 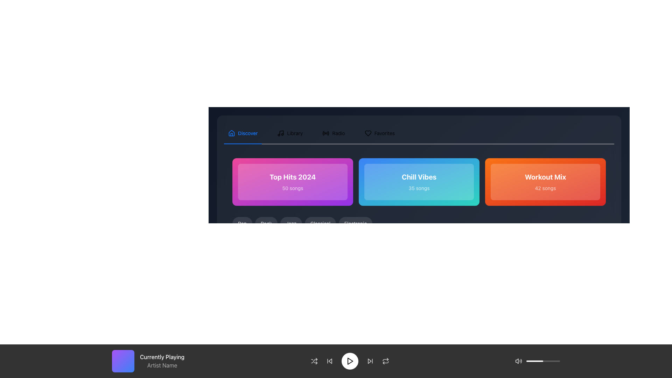 I want to click on the slider position, so click(x=542, y=361).